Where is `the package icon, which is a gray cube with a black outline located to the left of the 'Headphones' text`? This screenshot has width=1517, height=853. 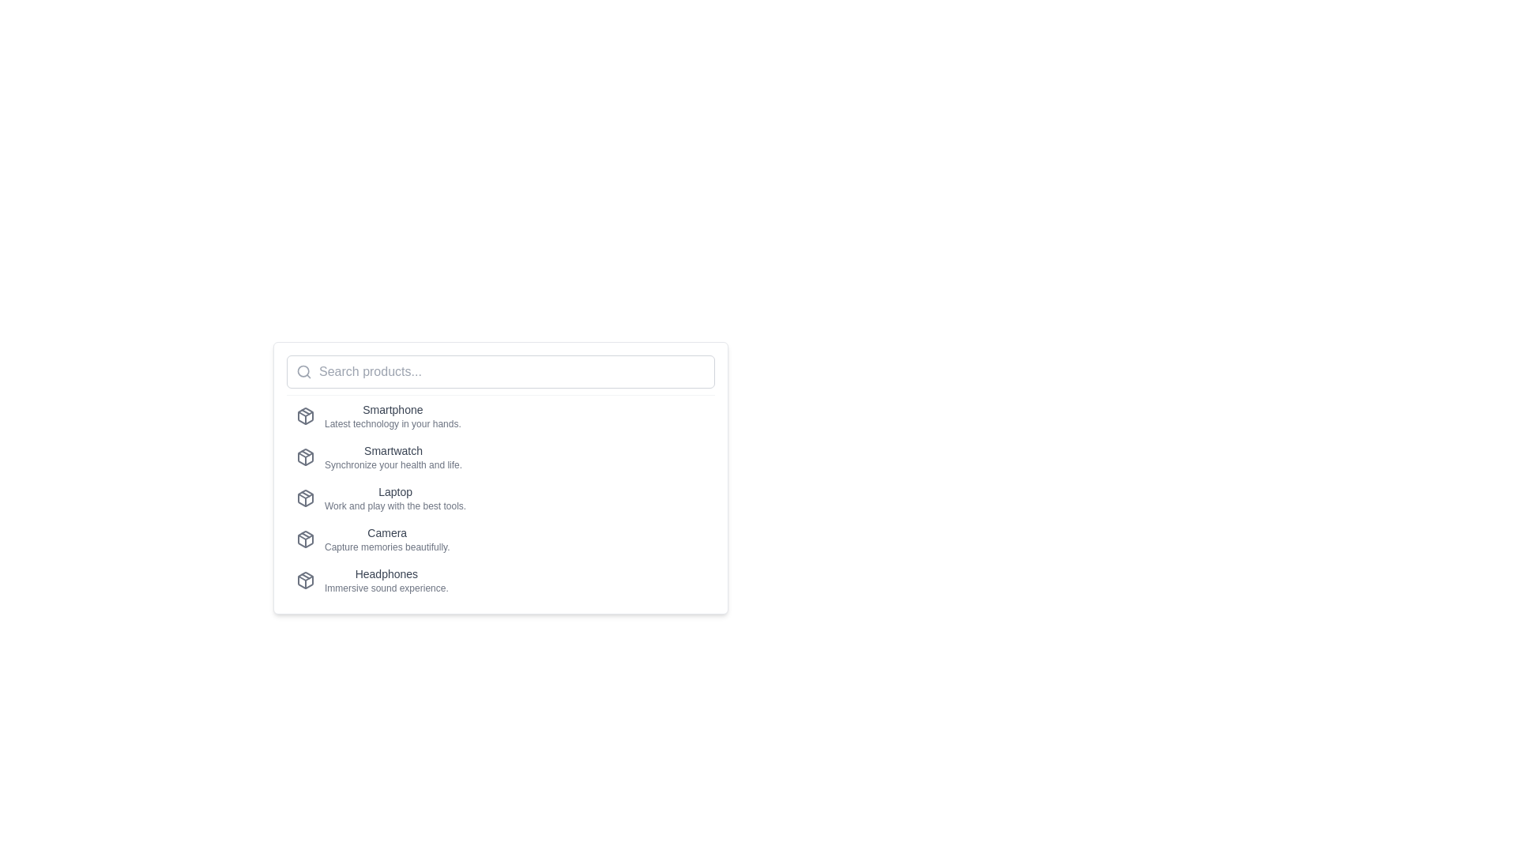 the package icon, which is a gray cube with a black outline located to the left of the 'Headphones' text is located at coordinates (306, 581).